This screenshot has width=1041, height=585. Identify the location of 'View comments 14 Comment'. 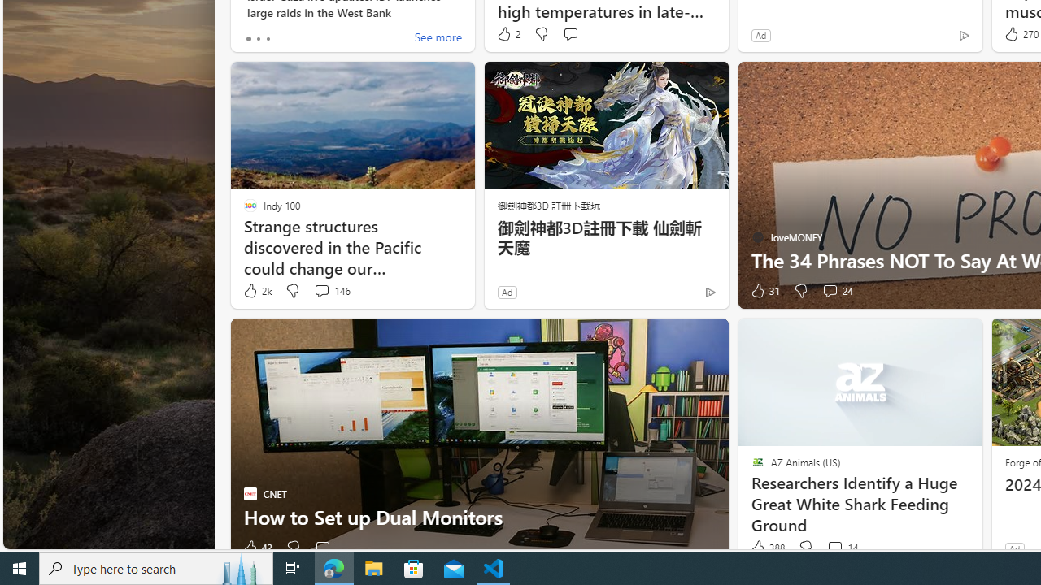
(842, 548).